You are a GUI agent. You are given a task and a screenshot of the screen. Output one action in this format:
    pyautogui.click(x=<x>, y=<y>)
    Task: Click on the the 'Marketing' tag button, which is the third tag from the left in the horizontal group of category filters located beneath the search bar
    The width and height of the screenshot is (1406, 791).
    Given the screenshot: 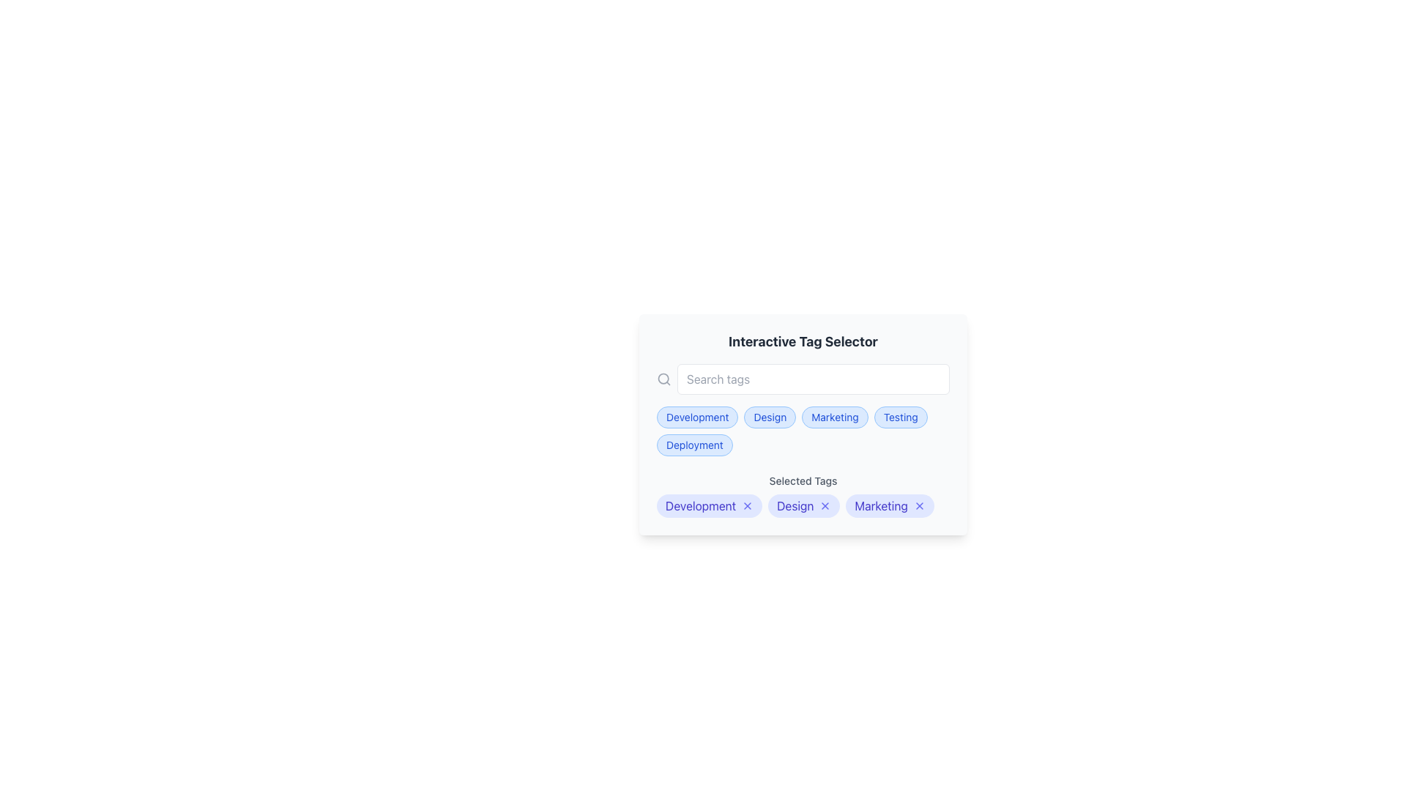 What is the action you would take?
    pyautogui.click(x=835, y=417)
    